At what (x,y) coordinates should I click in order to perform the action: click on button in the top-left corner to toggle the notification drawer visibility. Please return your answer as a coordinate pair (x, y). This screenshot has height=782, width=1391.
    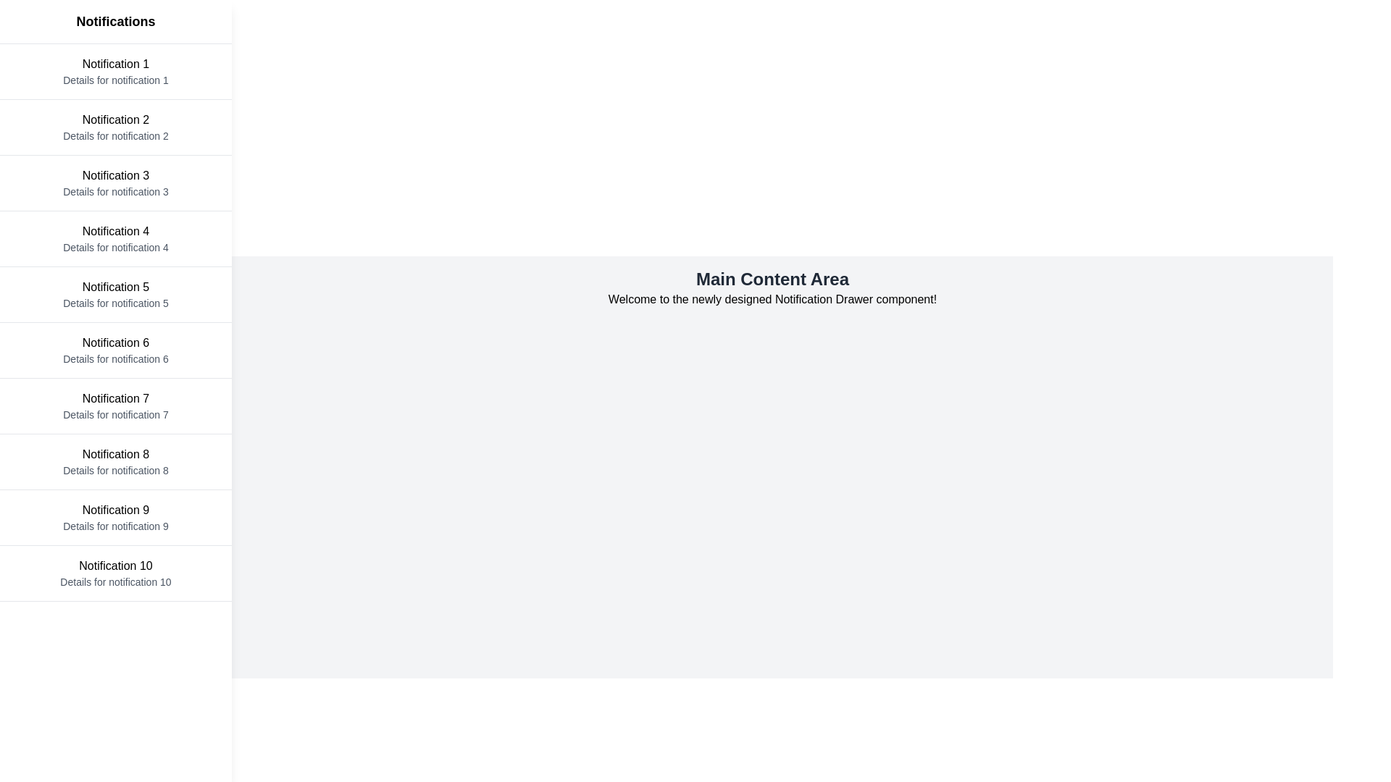
    Looking at the image, I should click on (28, 28).